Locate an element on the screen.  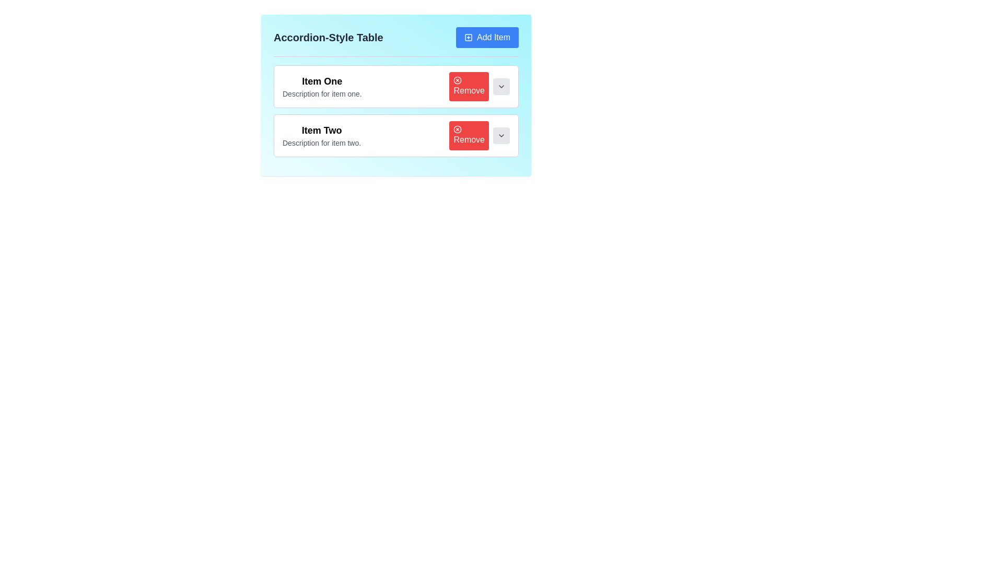
the small, square, gray dropdown toggle button with a downward-pointing chevron, located to the right of the 'Remove' button for 'Item Two' in the accordion-style UI is located at coordinates (501, 135).